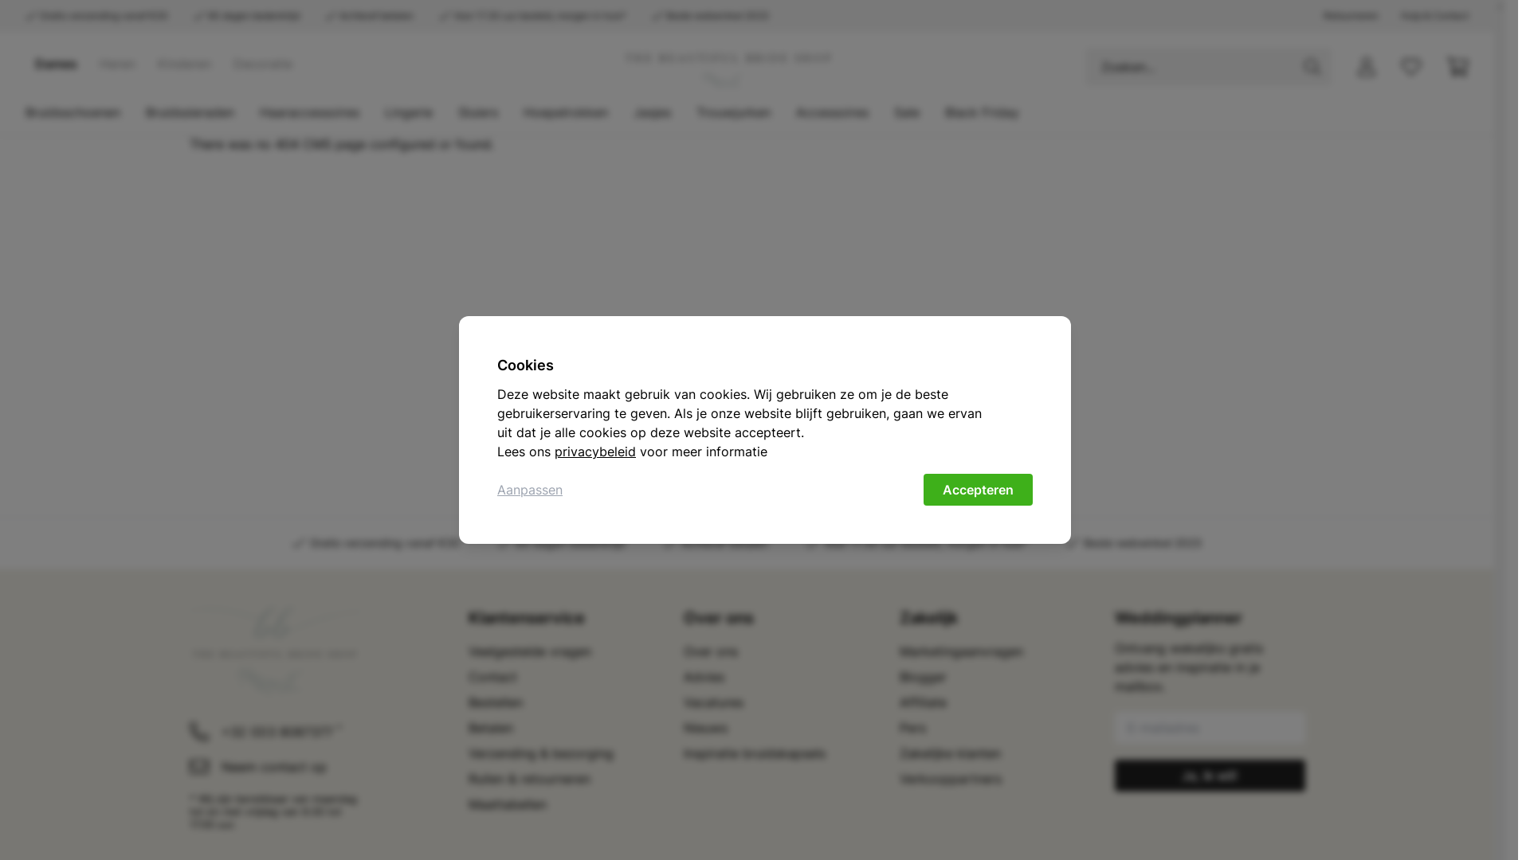 This screenshot has width=1530, height=860. Describe the element at coordinates (190, 111) in the screenshot. I see `'Bruidssieraden'` at that location.